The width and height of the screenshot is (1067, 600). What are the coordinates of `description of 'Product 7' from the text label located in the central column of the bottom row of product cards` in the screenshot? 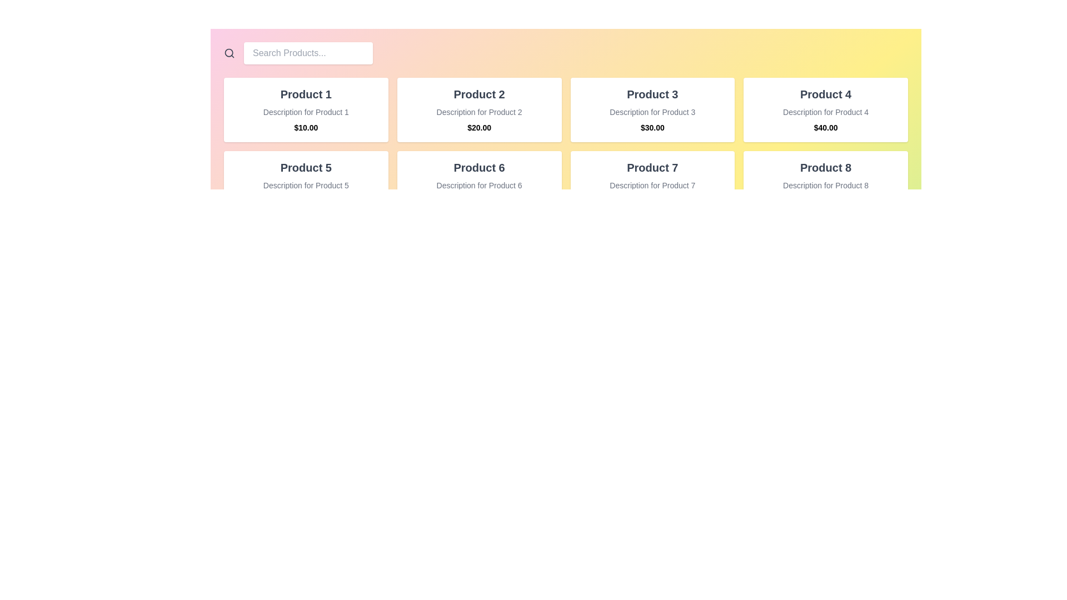 It's located at (652, 185).